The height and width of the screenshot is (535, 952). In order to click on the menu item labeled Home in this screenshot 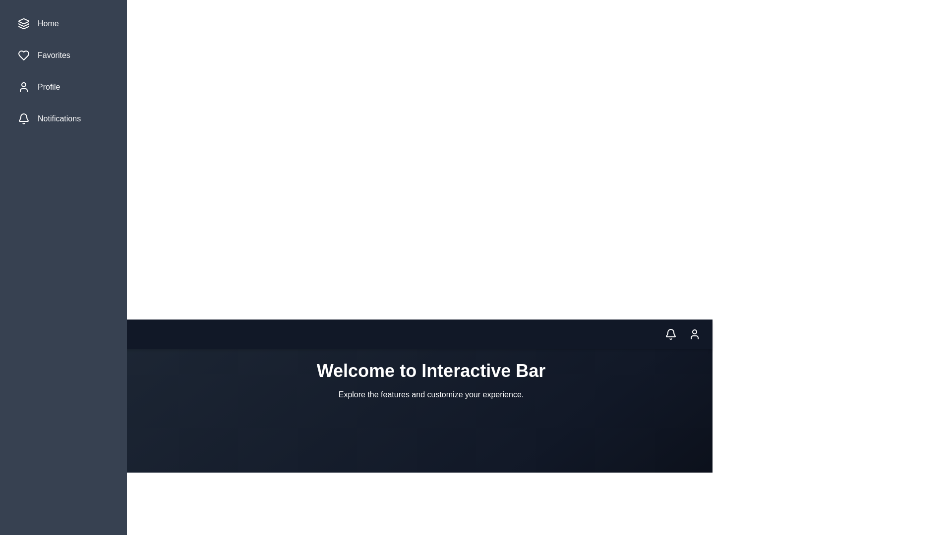, I will do `click(63, 23)`.